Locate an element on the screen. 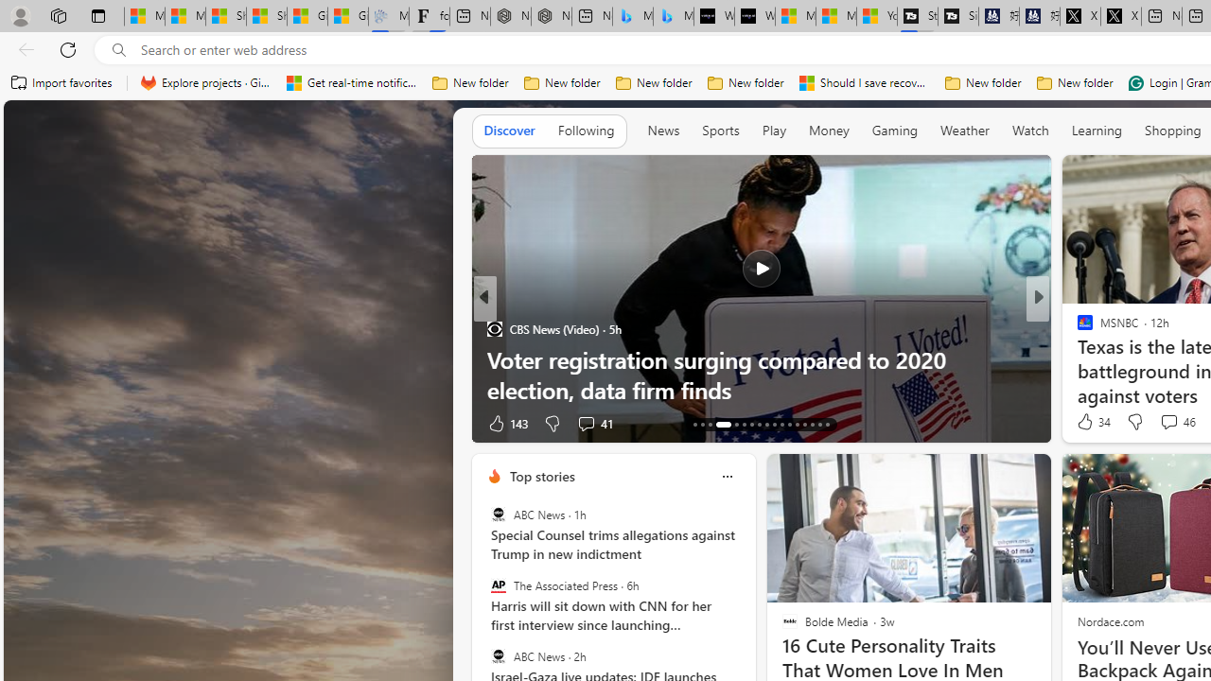 The image size is (1211, 681). 'AutomationID: tab-25' is located at coordinates (797, 423).